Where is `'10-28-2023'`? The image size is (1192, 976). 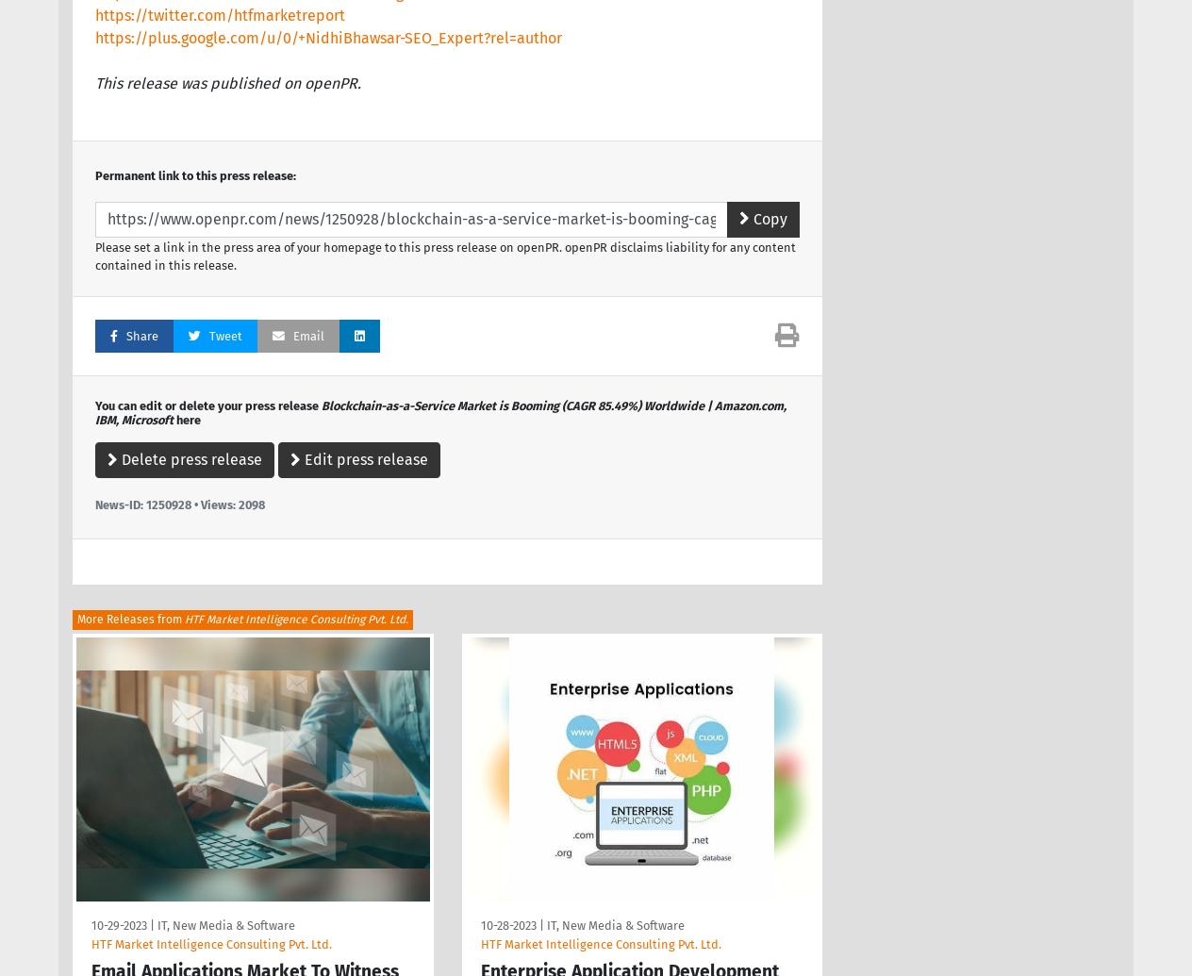
'10-28-2023' is located at coordinates (507, 924).